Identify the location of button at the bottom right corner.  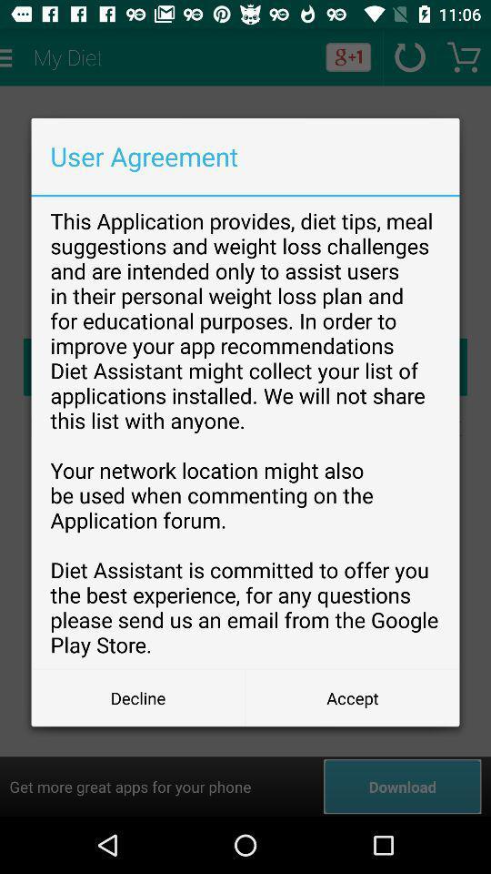
(352, 696).